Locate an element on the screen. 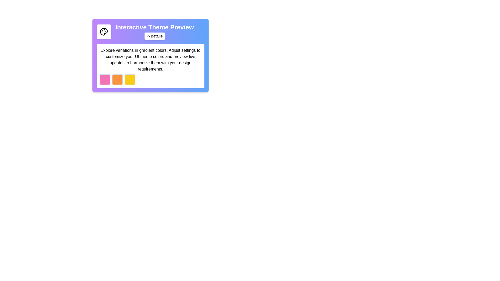 The width and height of the screenshot is (500, 281). the Informative Text Block that provides guidance about gradient colors and UI customization, located below the 'Interactive Theme Preview' header is located at coordinates (150, 60).